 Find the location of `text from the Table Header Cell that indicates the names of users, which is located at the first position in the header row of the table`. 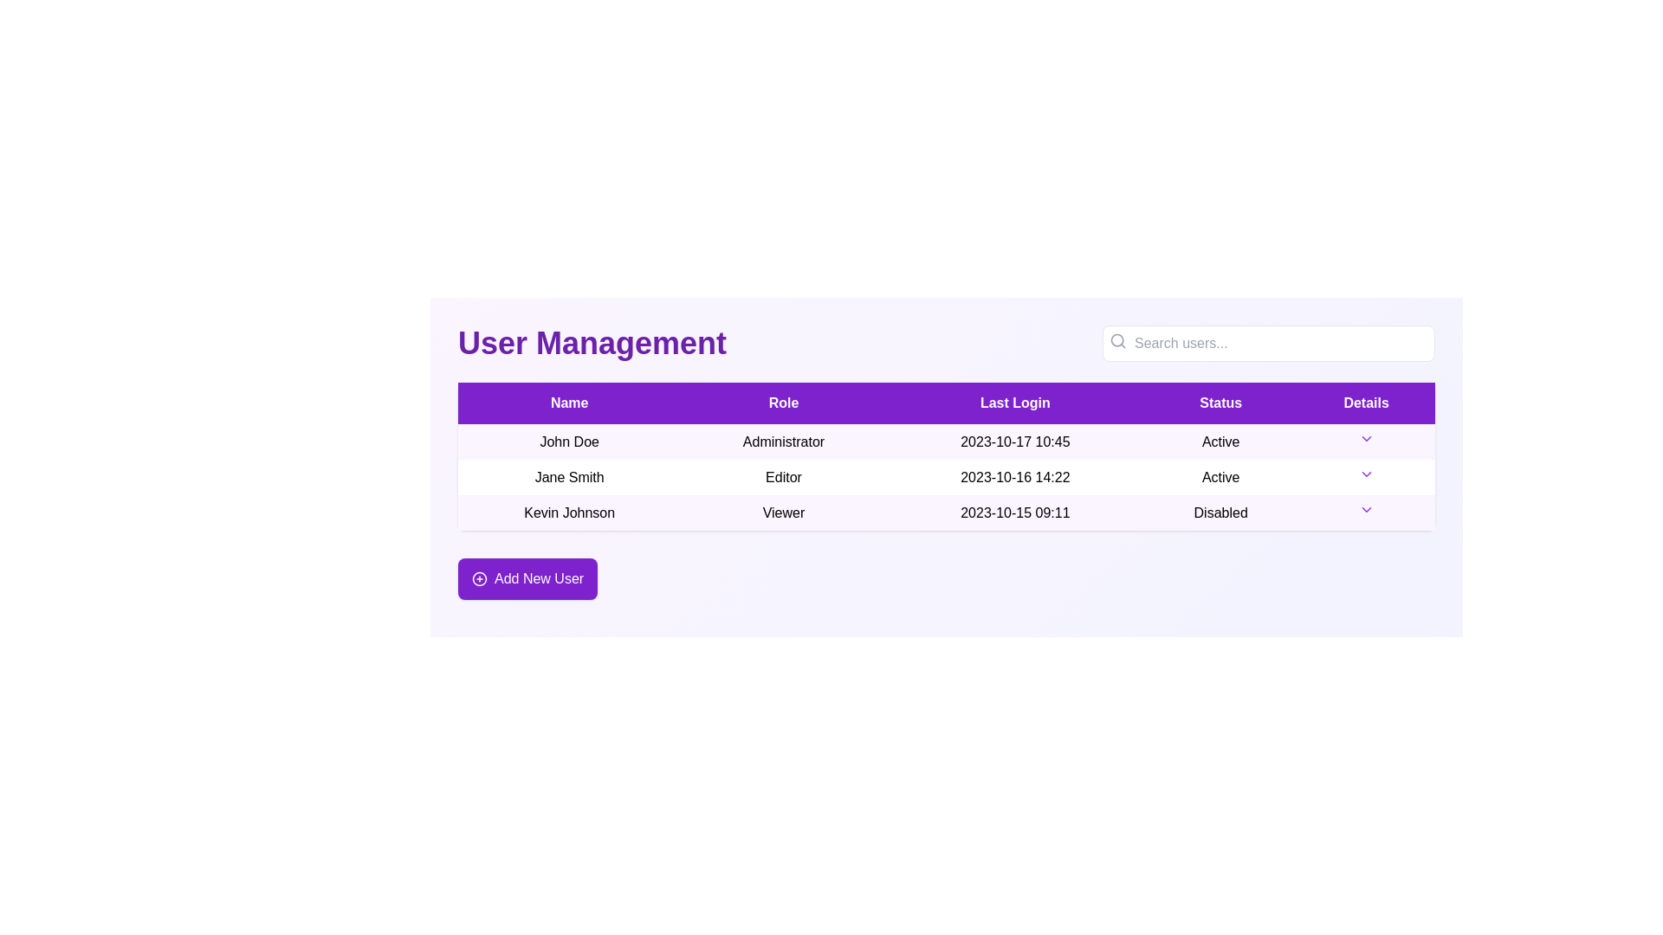

text from the Table Header Cell that indicates the names of users, which is located at the first position in the header row of the table is located at coordinates (569, 403).